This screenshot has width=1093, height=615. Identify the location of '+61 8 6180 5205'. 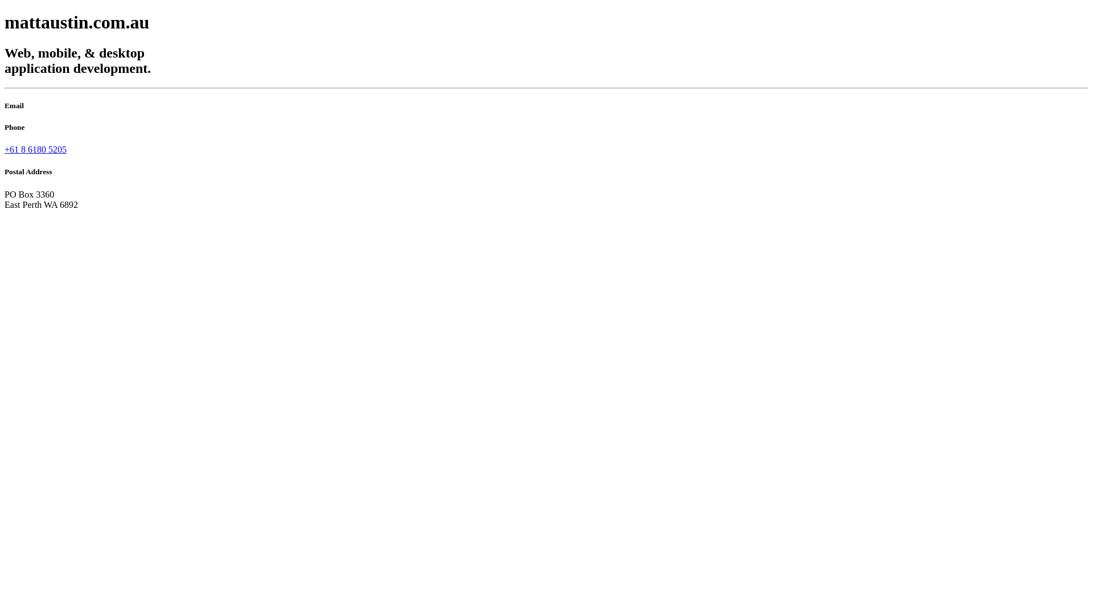
(35, 149).